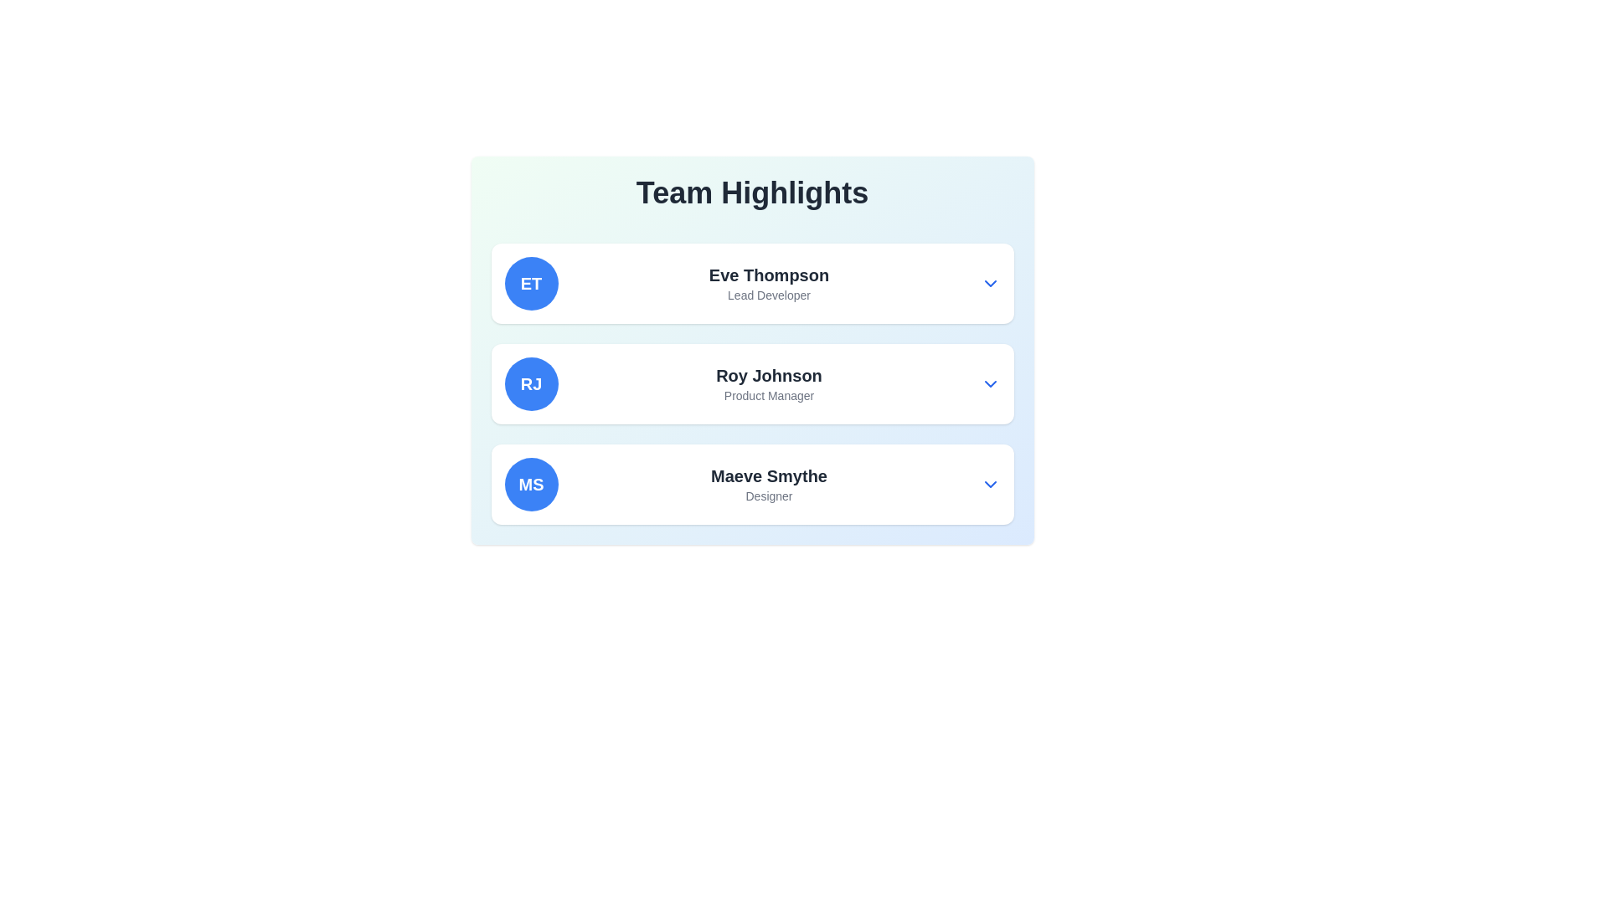 The width and height of the screenshot is (1608, 904). I want to click on the Text Display component that shows the name and role of Eve Thompson in the Team Highlights section, which is centrally positioned under the first card, so click(768, 283).